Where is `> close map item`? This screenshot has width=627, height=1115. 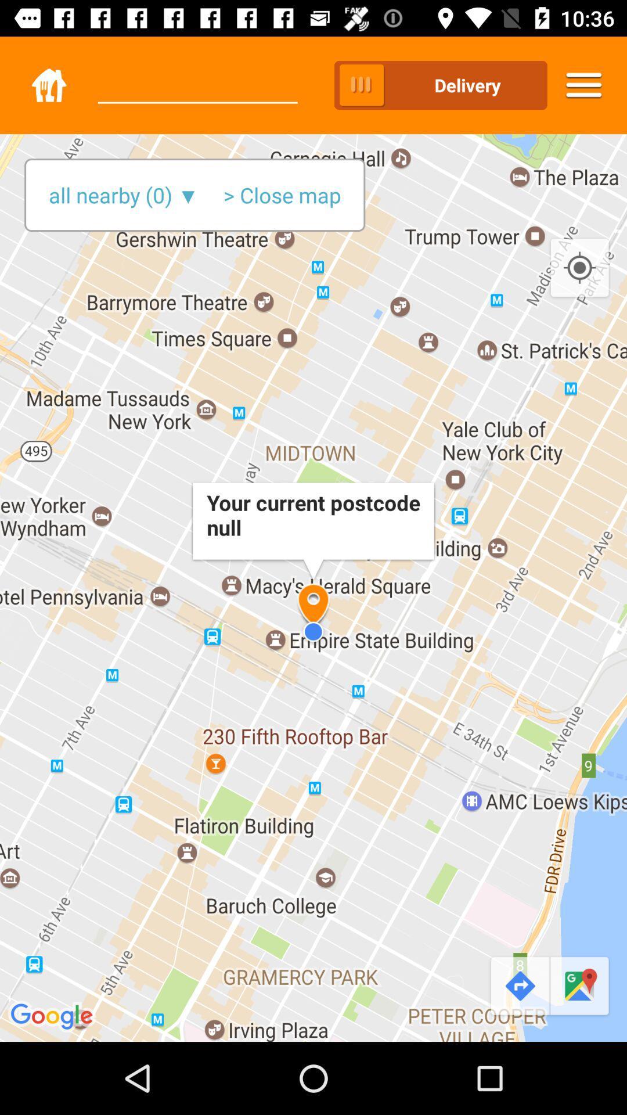 > close map item is located at coordinates (282, 195).